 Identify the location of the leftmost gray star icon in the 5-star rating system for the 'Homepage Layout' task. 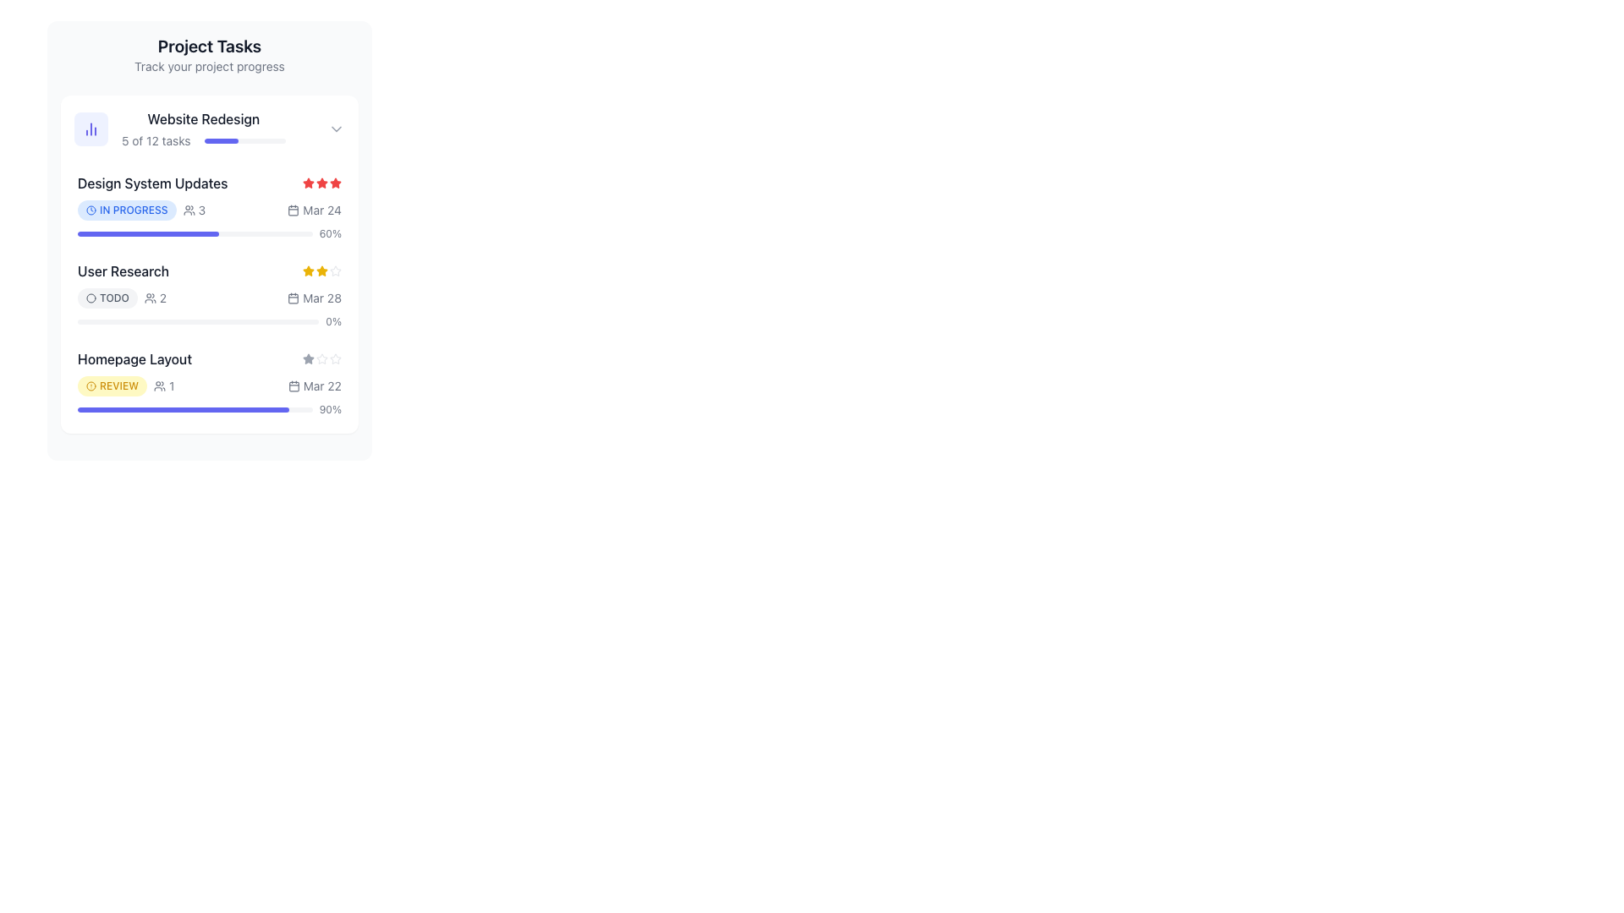
(308, 358).